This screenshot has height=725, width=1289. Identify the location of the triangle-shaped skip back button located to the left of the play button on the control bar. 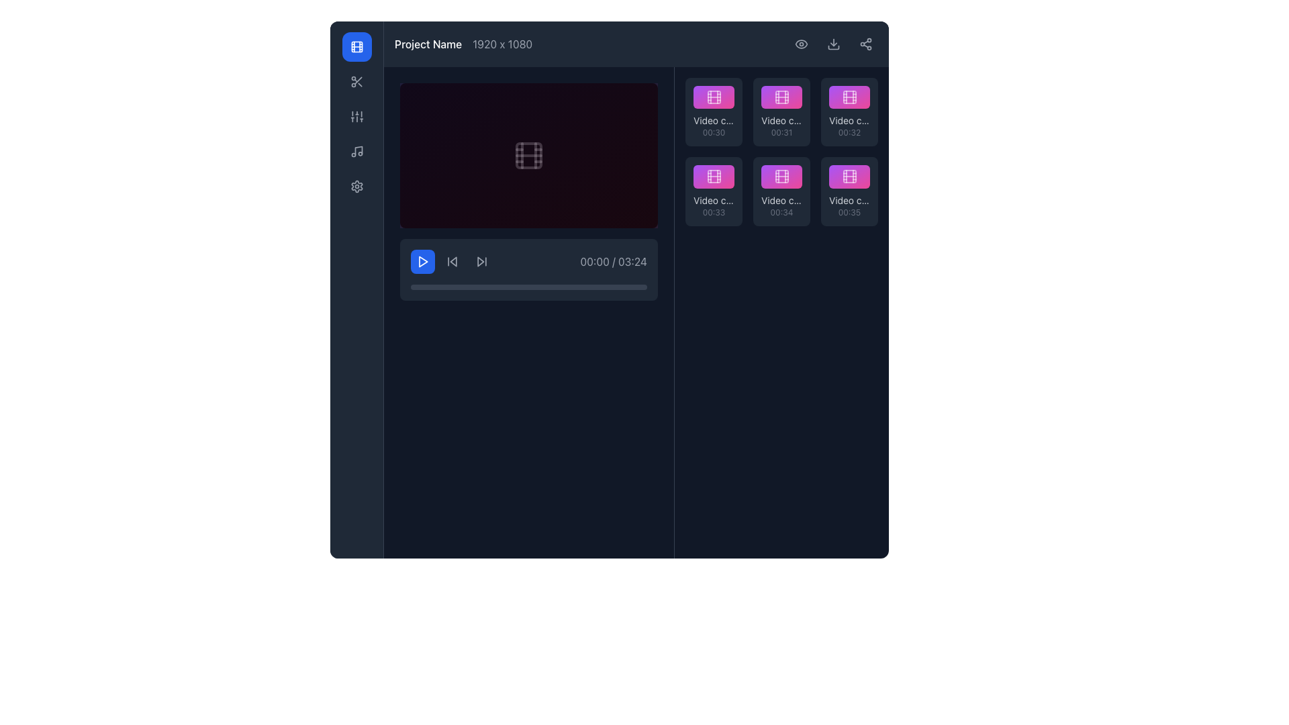
(453, 261).